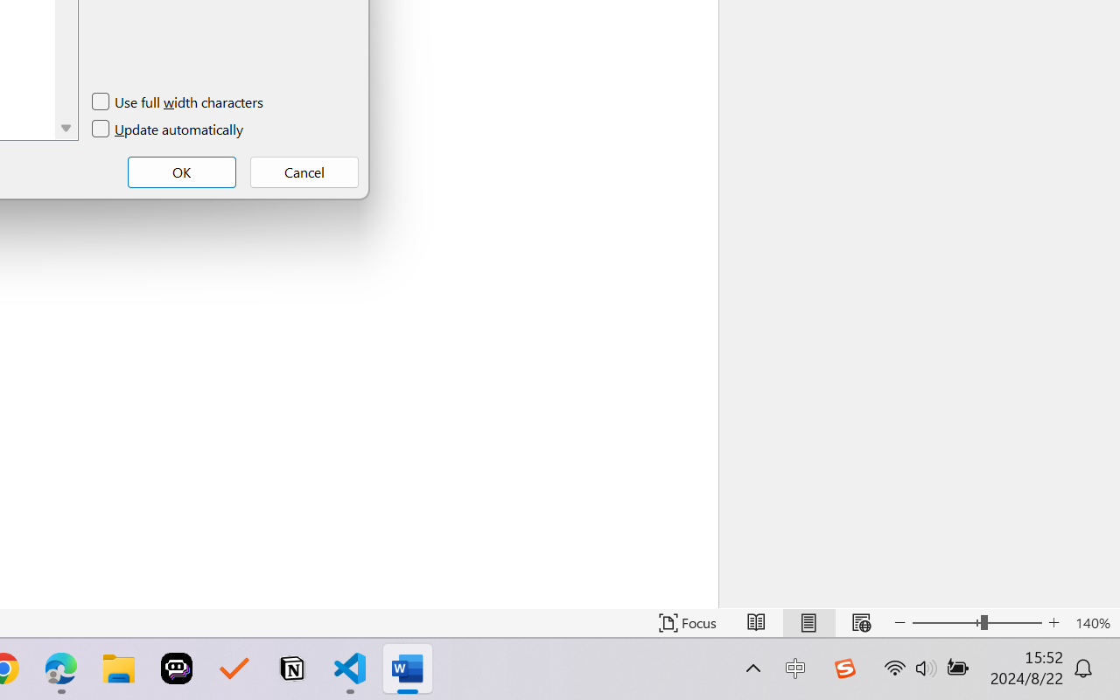  What do you see at coordinates (976, 622) in the screenshot?
I see `'Zoom'` at bounding box center [976, 622].